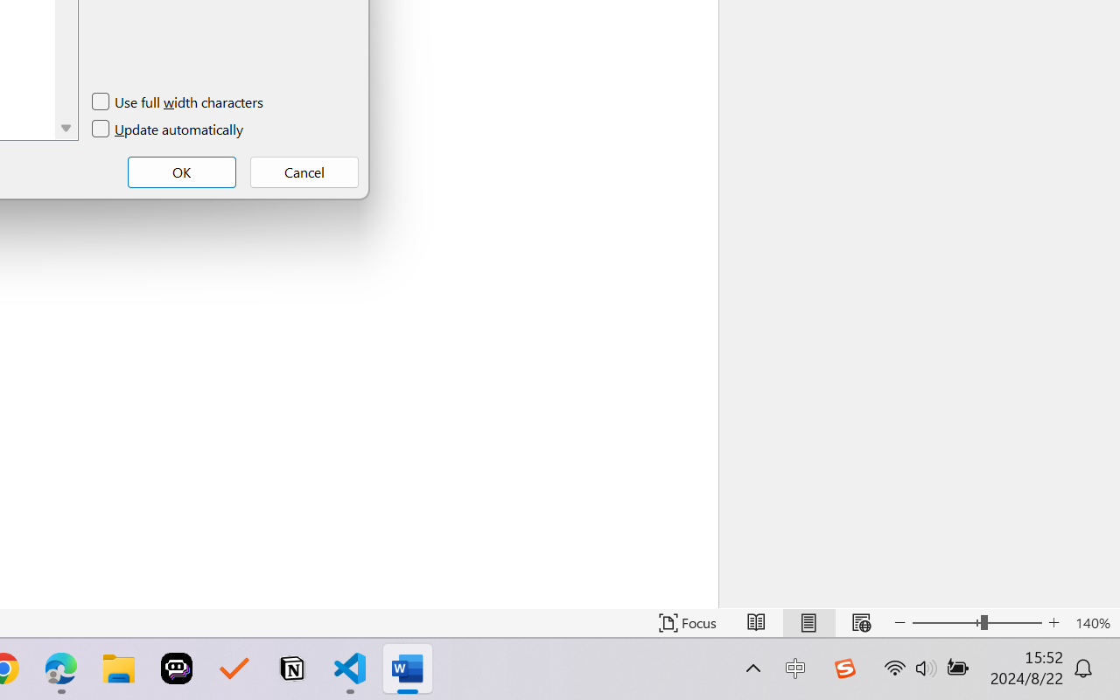  What do you see at coordinates (976, 622) in the screenshot?
I see `'Zoom'` at bounding box center [976, 622].